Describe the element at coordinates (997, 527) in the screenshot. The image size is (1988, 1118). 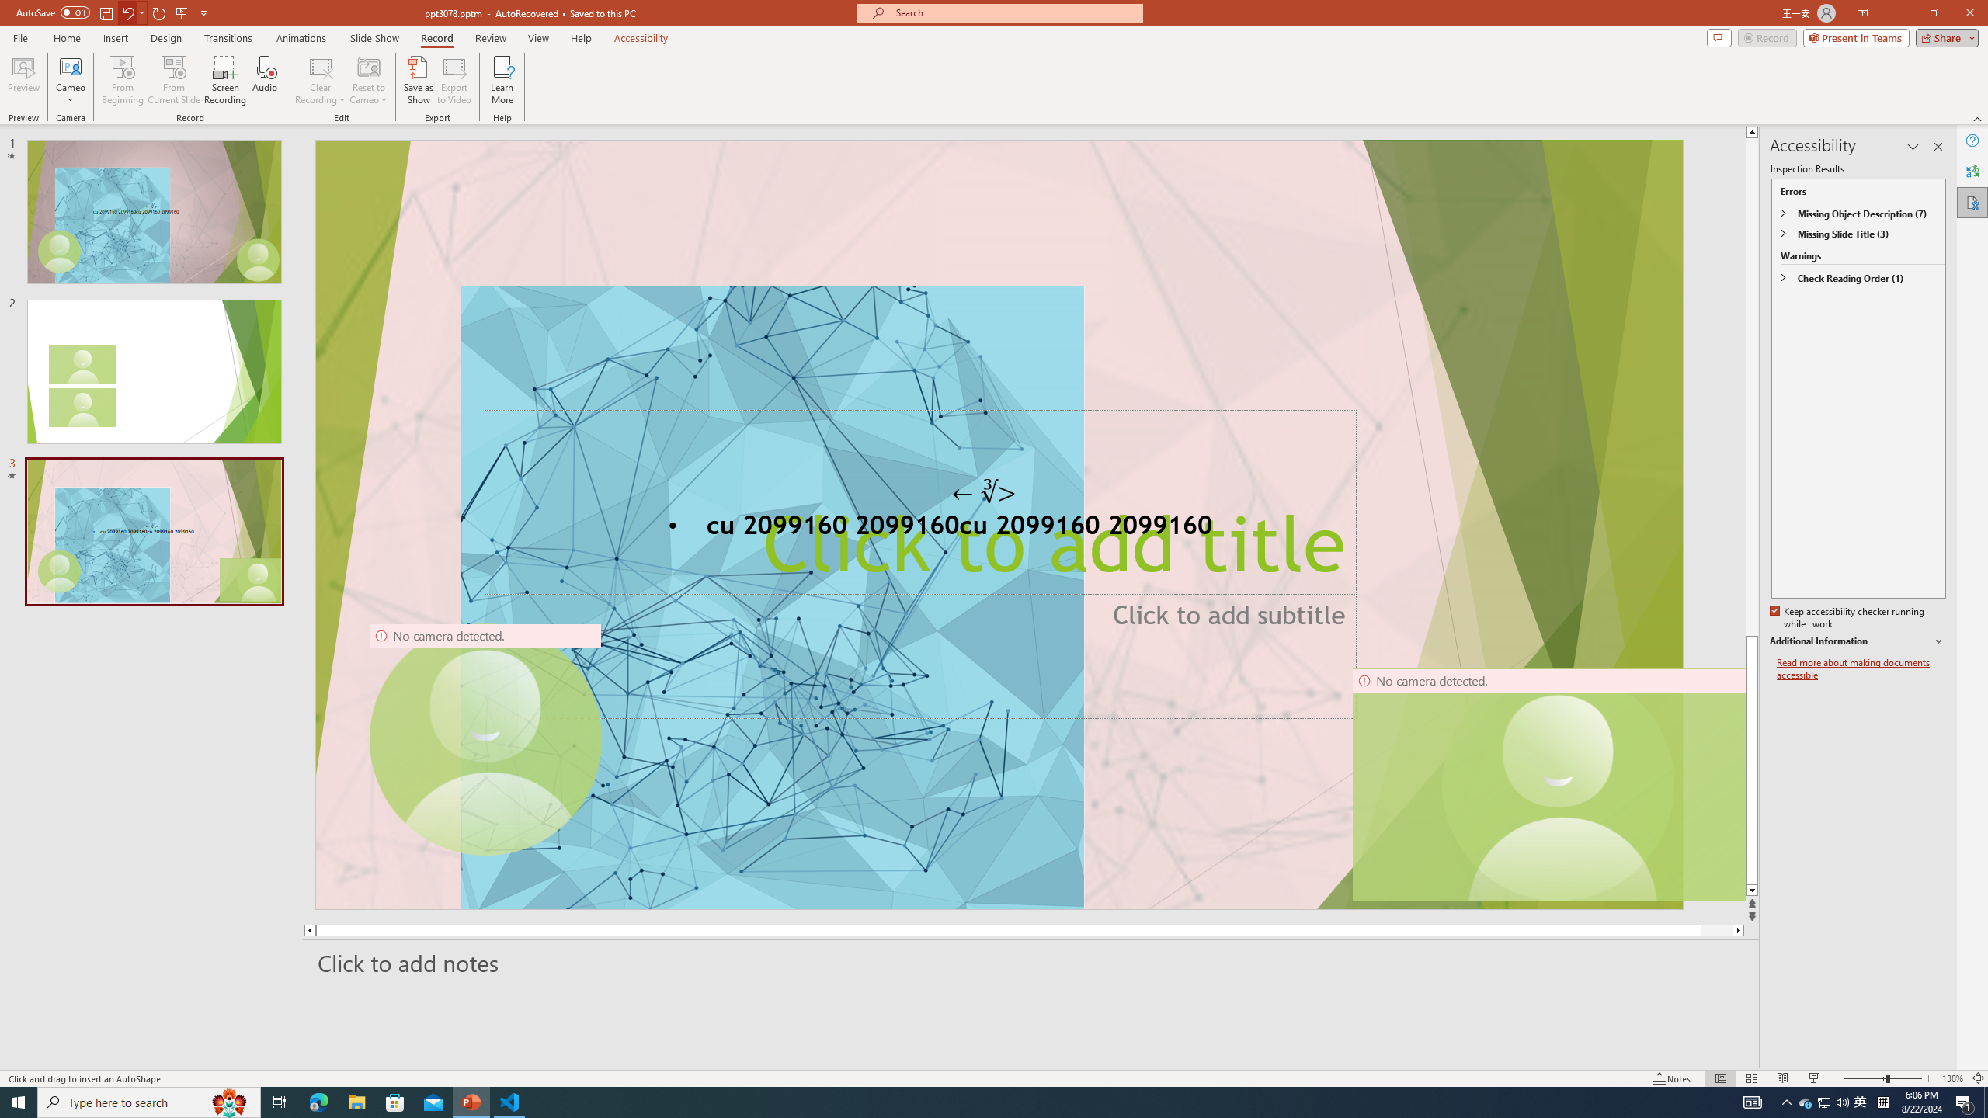
I see `'TextBox 61'` at that location.